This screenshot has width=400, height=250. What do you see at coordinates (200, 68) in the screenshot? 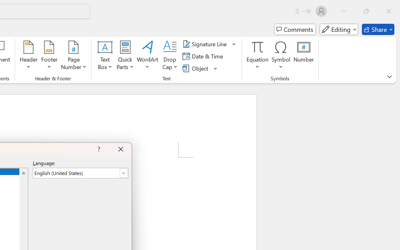
I see `'Object...'` at bounding box center [200, 68].